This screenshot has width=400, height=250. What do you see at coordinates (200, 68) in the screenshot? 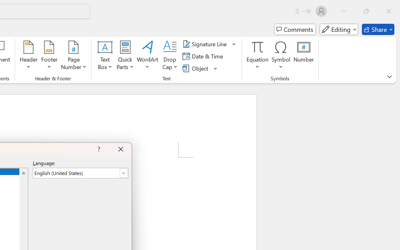
I see `'Object...'` at bounding box center [200, 68].